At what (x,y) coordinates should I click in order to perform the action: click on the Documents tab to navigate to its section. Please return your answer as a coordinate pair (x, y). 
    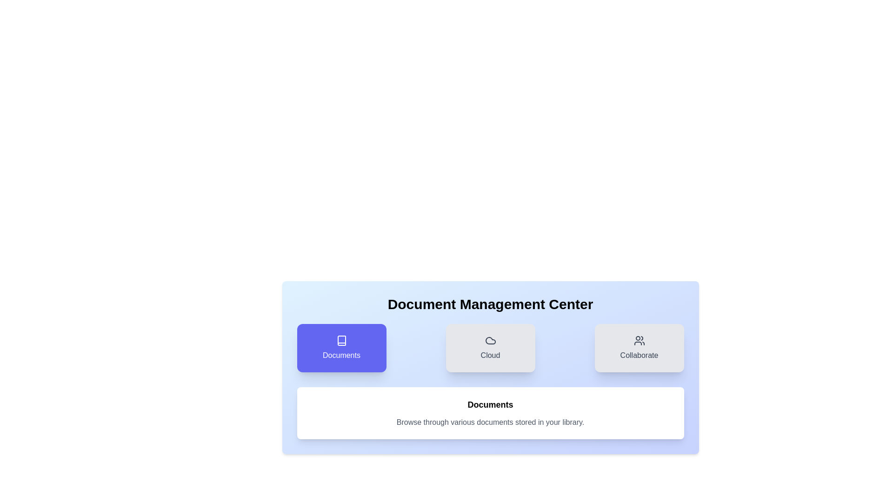
    Looking at the image, I should click on (341, 348).